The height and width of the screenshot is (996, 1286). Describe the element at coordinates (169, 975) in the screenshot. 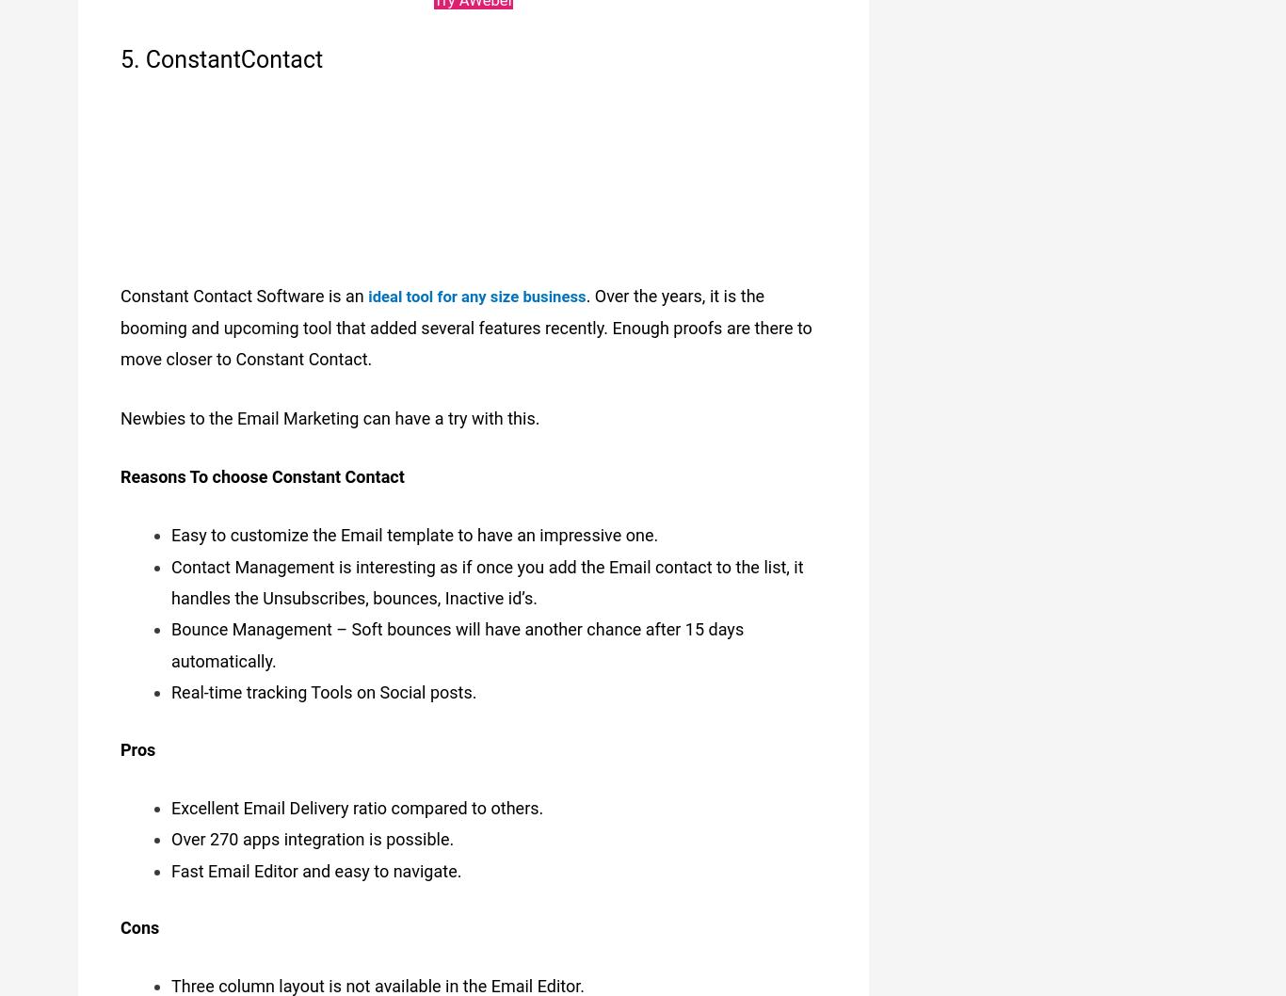

I see `'Three column layout is not available in the Email Editor.'` at that location.